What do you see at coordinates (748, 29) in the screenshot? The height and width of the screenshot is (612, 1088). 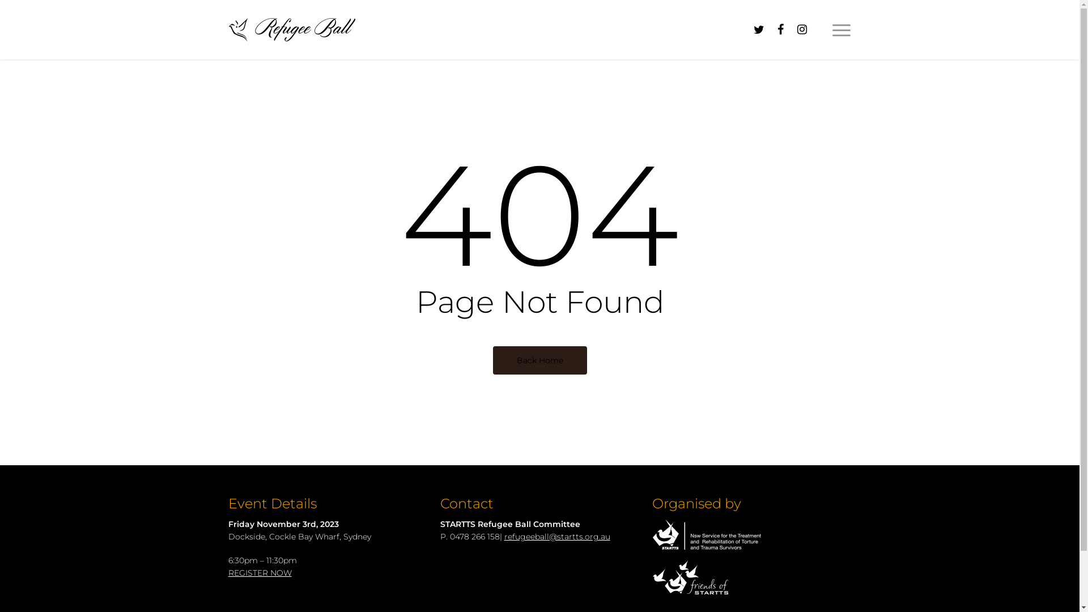 I see `'twitter'` at bounding box center [748, 29].